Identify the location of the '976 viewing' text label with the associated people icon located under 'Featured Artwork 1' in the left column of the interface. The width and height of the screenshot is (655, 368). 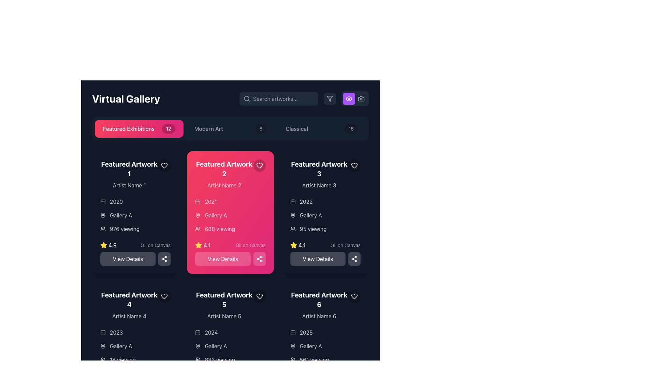
(135, 229).